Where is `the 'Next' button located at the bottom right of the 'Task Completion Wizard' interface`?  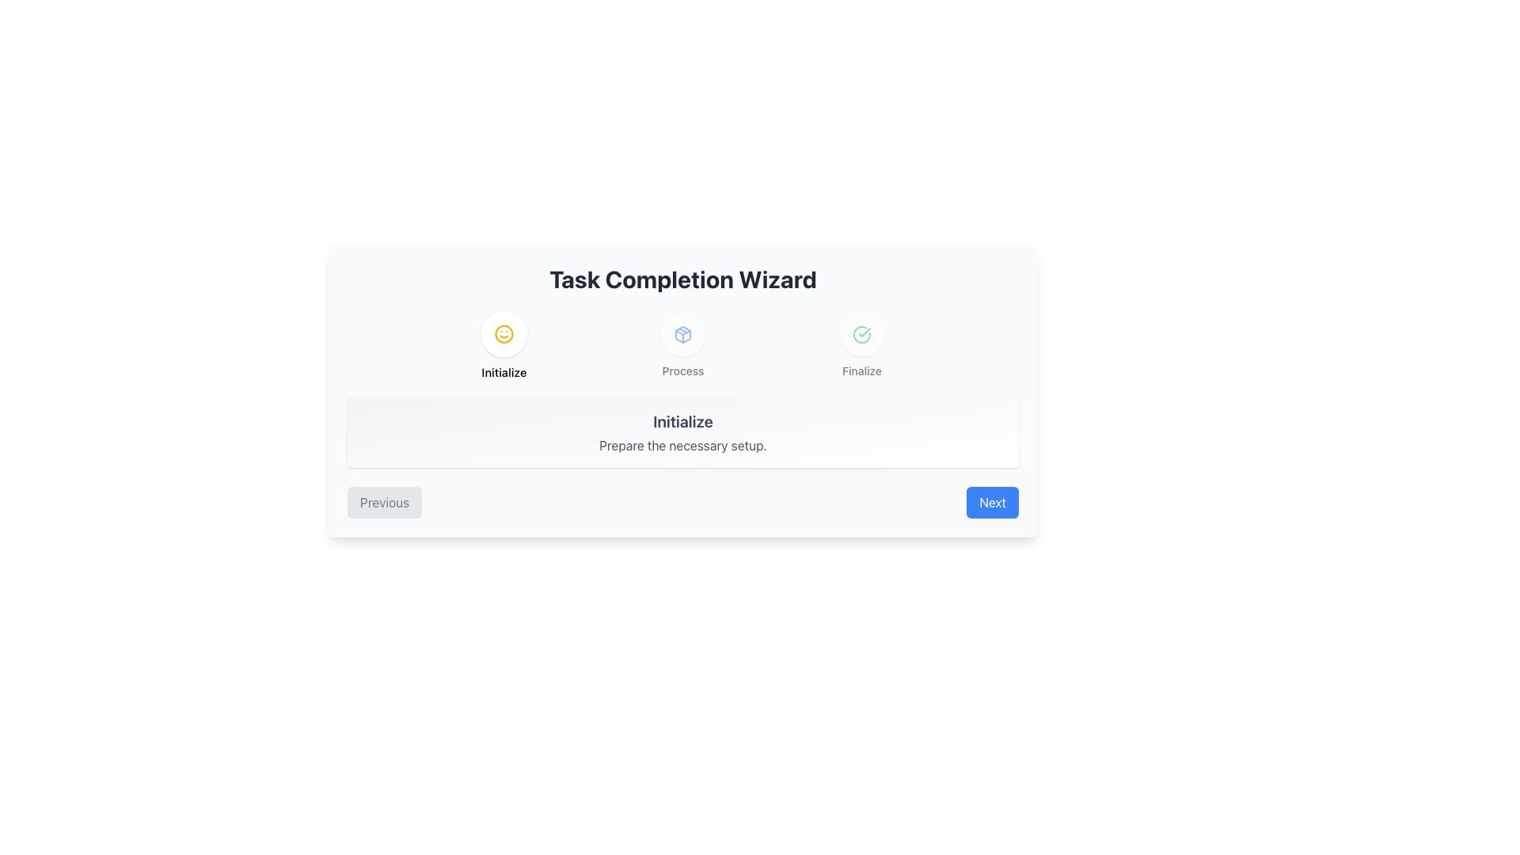
the 'Next' button located at the bottom right of the 'Task Completion Wizard' interface is located at coordinates (992, 503).